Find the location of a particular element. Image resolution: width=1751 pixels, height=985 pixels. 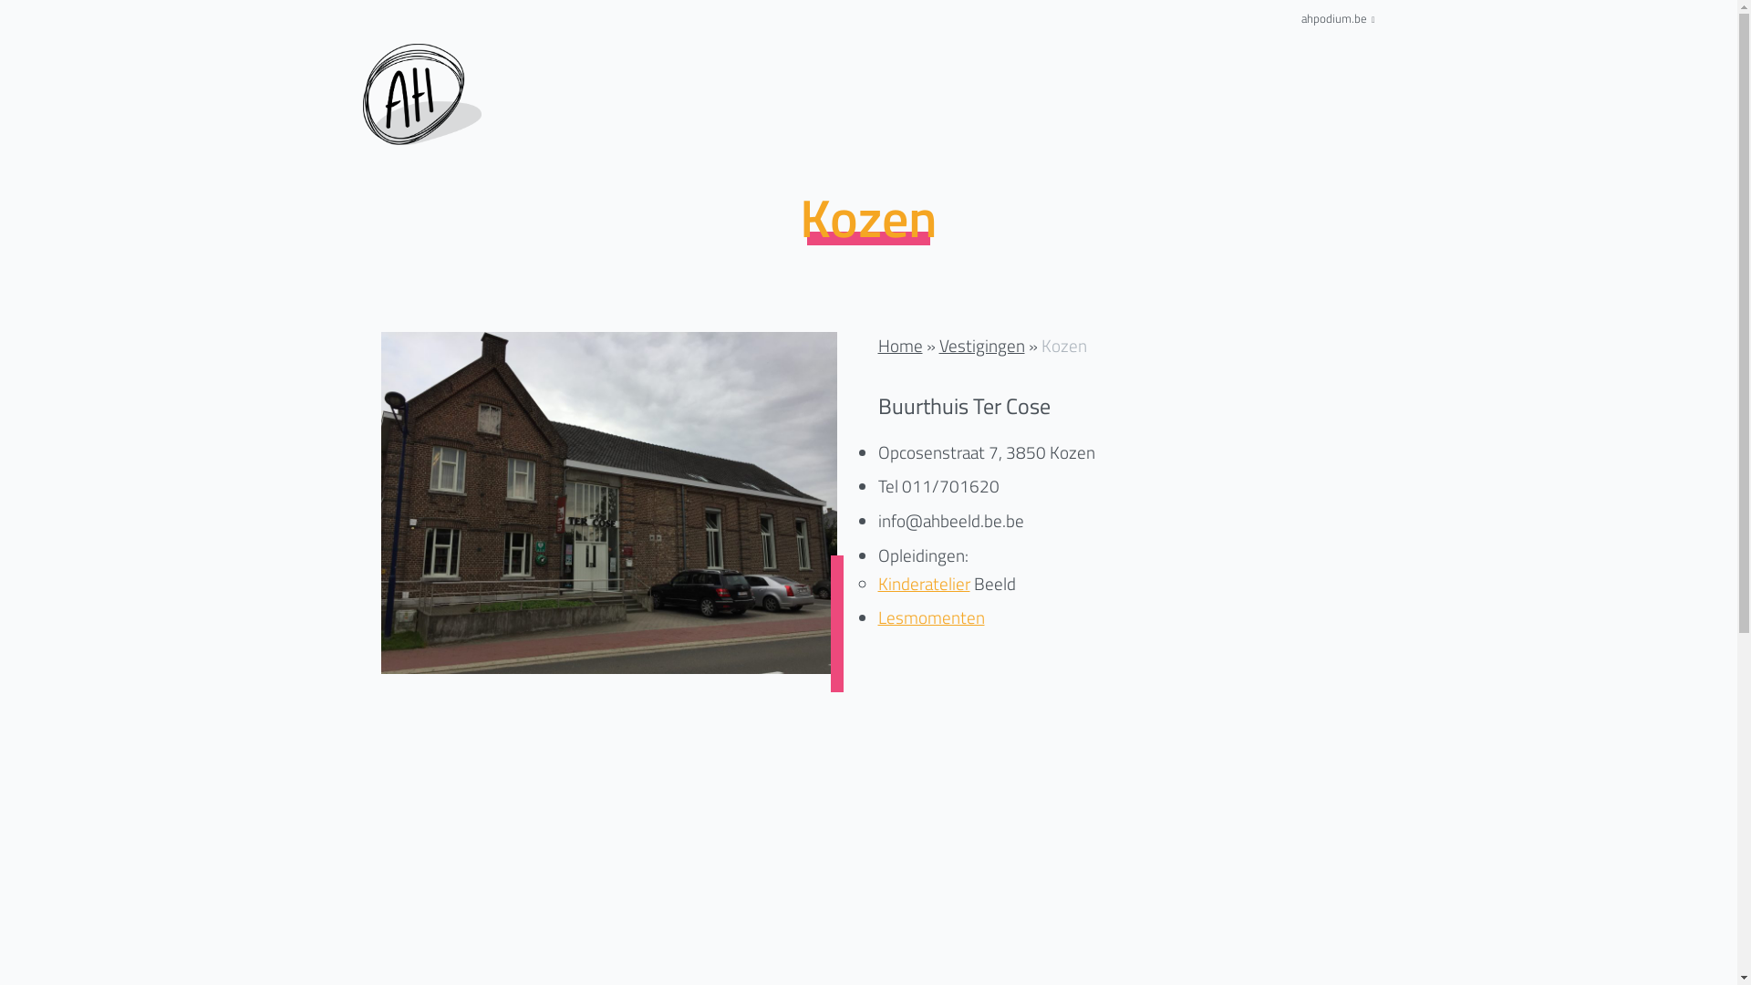

'Home' is located at coordinates (899, 345).